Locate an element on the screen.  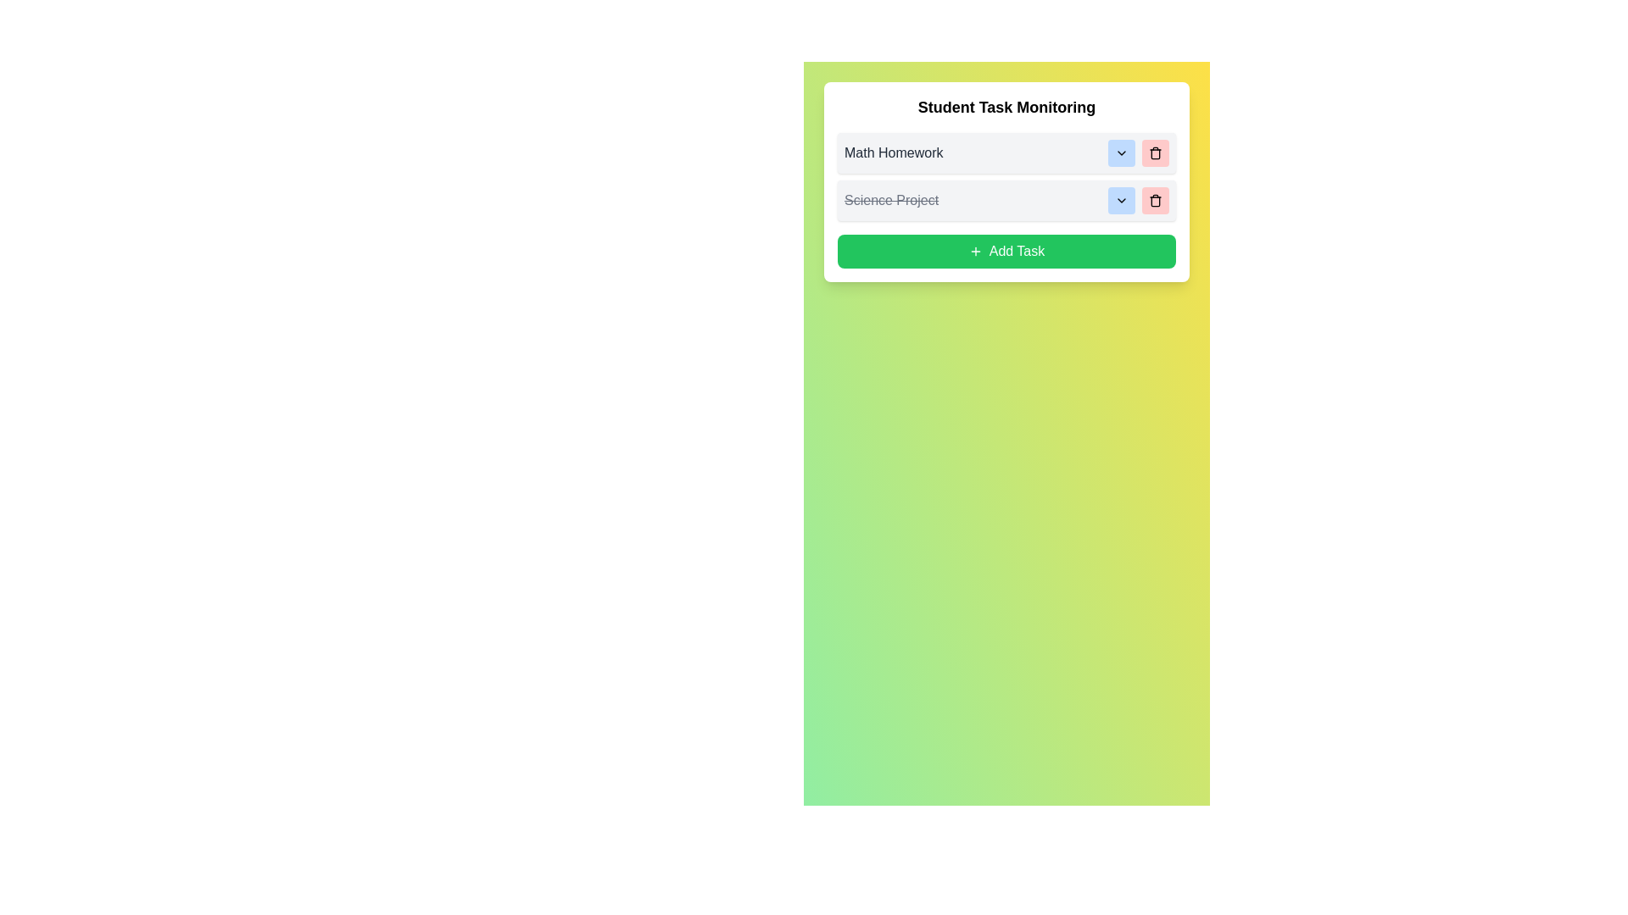
the delete icon button for the 'Science Project' task is located at coordinates (1155, 199).